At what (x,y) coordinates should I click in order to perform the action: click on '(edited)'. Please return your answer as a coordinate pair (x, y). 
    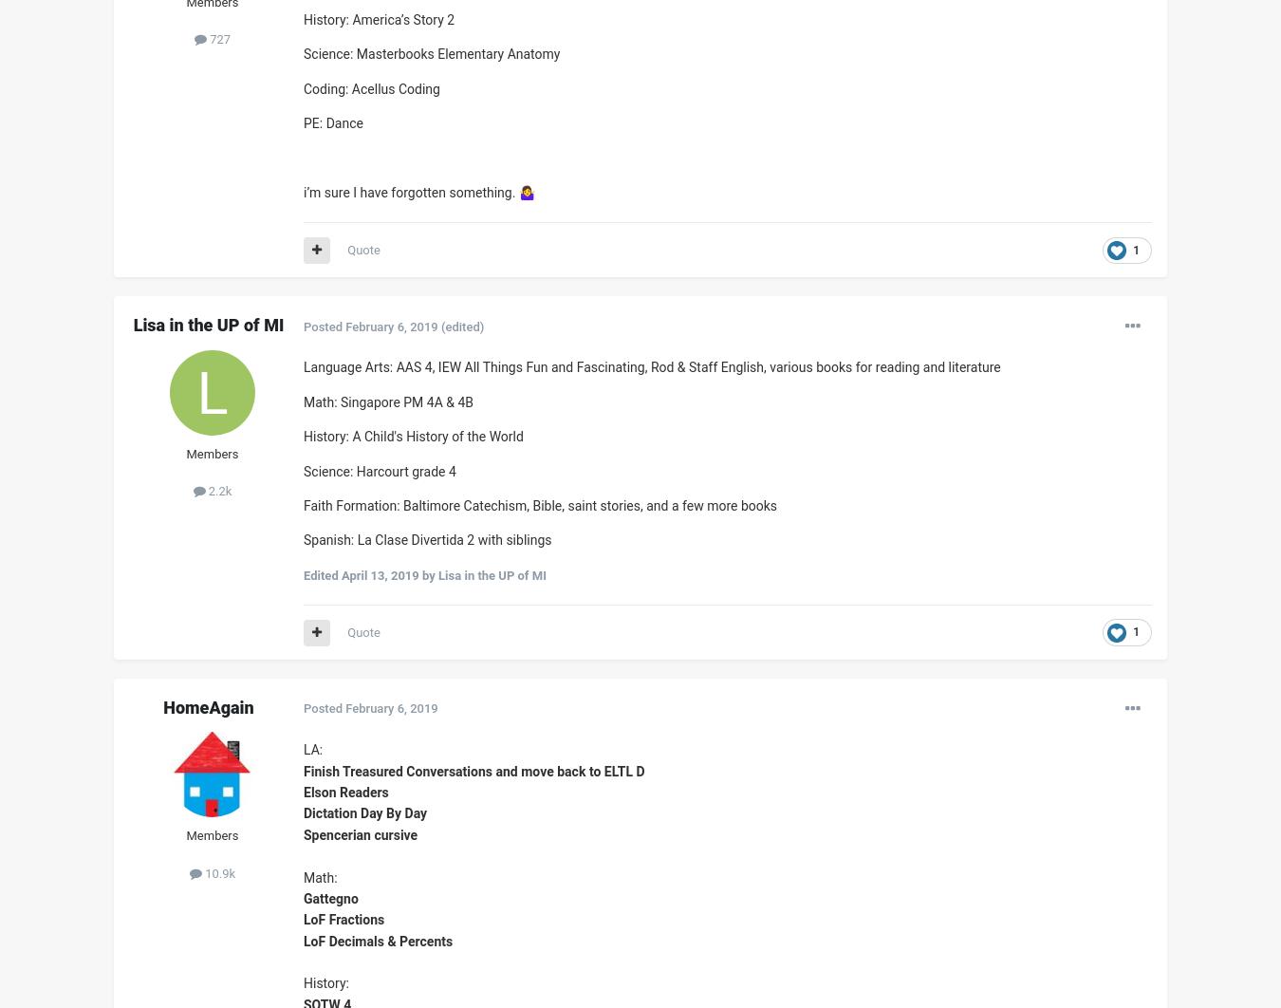
    Looking at the image, I should click on (460, 325).